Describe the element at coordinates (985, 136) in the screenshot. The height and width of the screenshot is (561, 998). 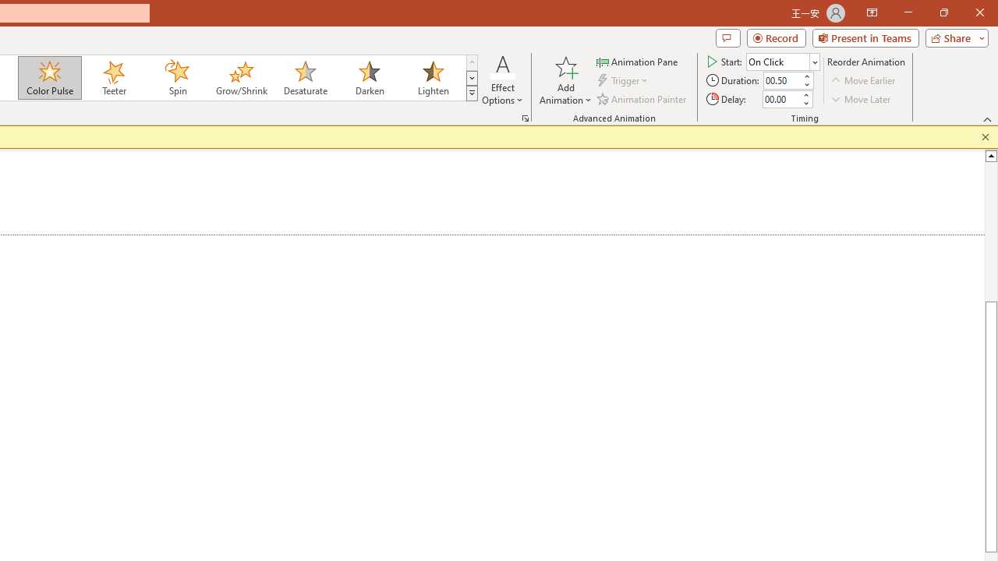
I see `'Close this message'` at that location.